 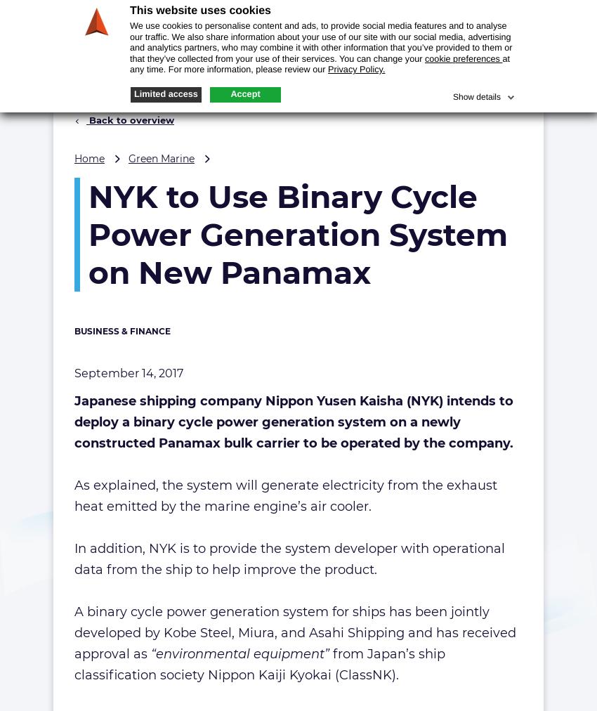 What do you see at coordinates (319, 63) in the screenshot?
I see `'at any time. For more information, please review our'` at bounding box center [319, 63].